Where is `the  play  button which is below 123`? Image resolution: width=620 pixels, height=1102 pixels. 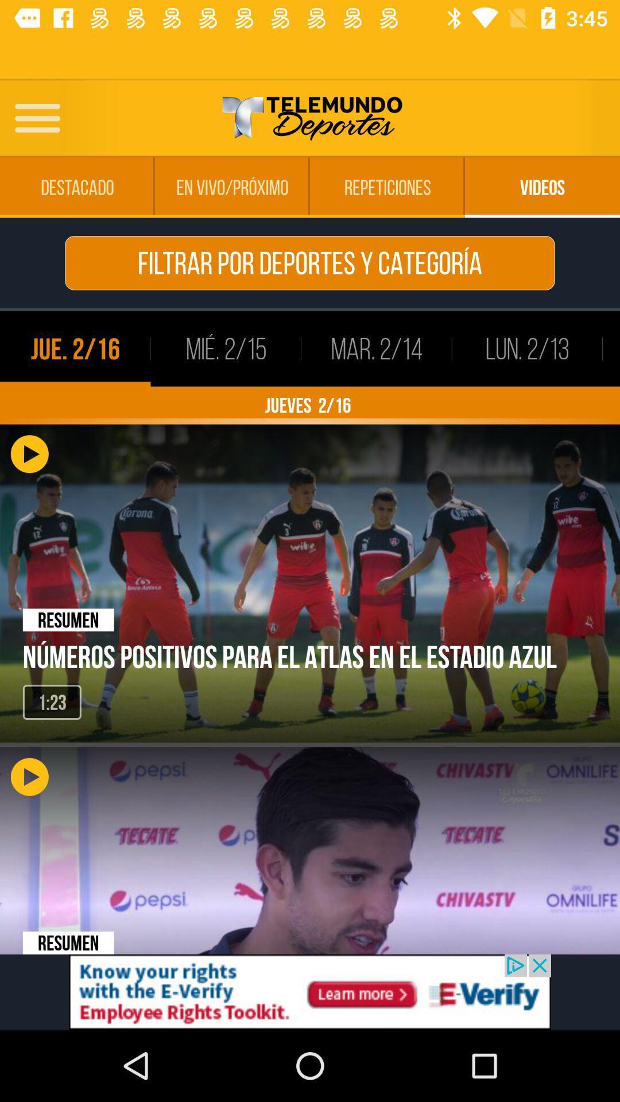
the  play  button which is below 123 is located at coordinates (48, 777).